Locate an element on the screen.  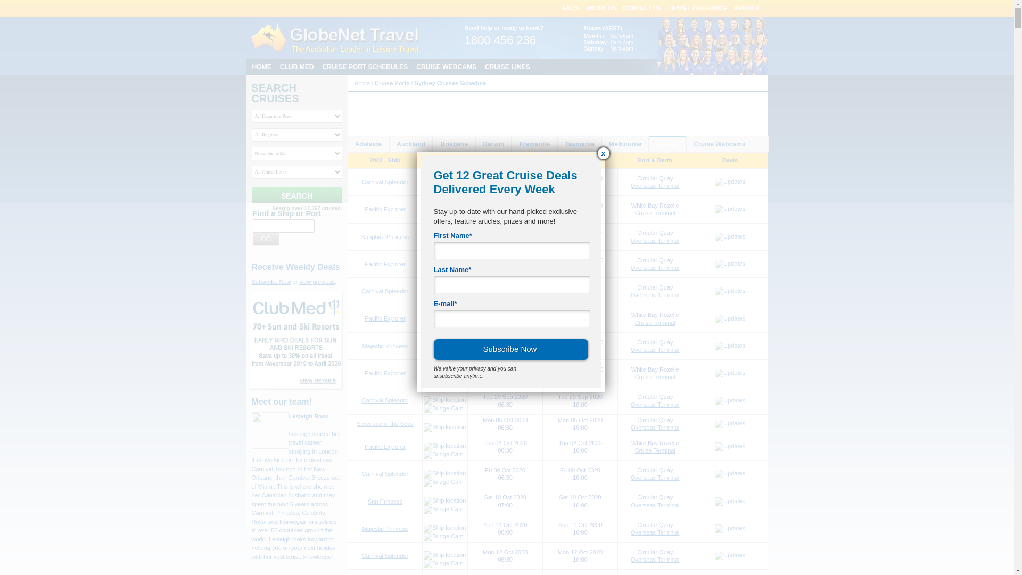
'Bridge Cam' is located at coordinates (423, 271).